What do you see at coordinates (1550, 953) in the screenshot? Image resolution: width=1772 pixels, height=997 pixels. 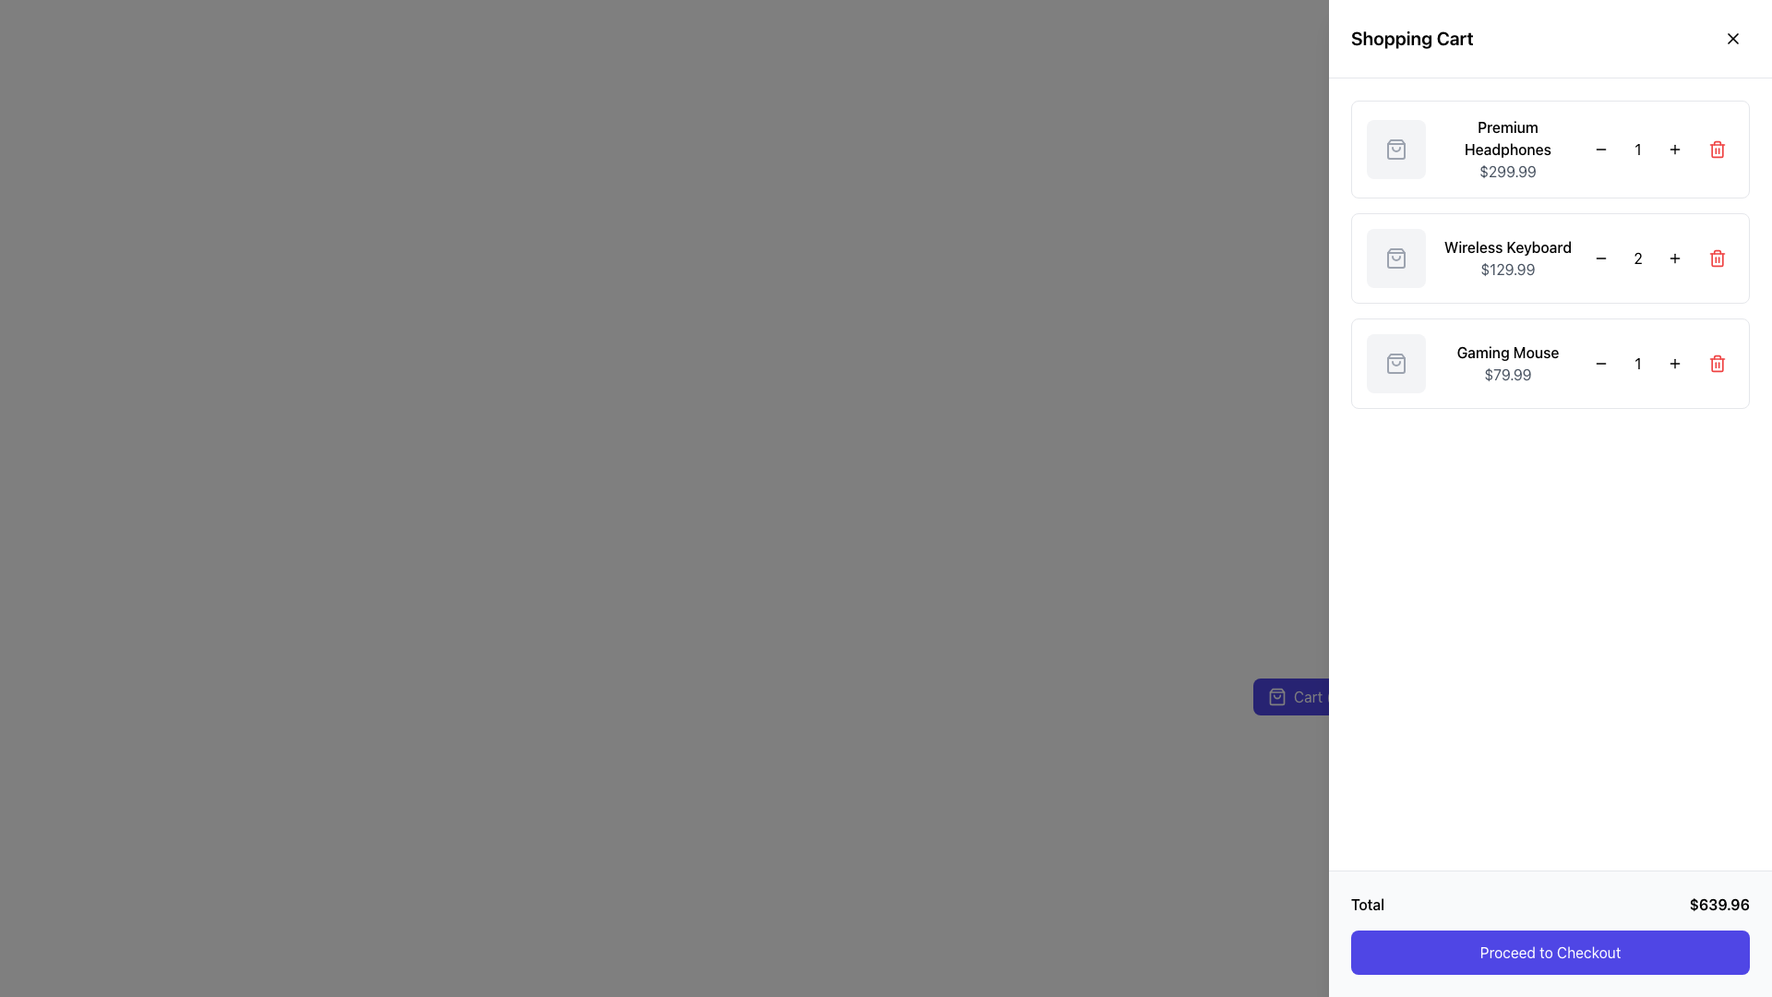 I see `the 'Proceed to Checkout' button with vibrant indigo background and white text to change its appearance` at bounding box center [1550, 953].